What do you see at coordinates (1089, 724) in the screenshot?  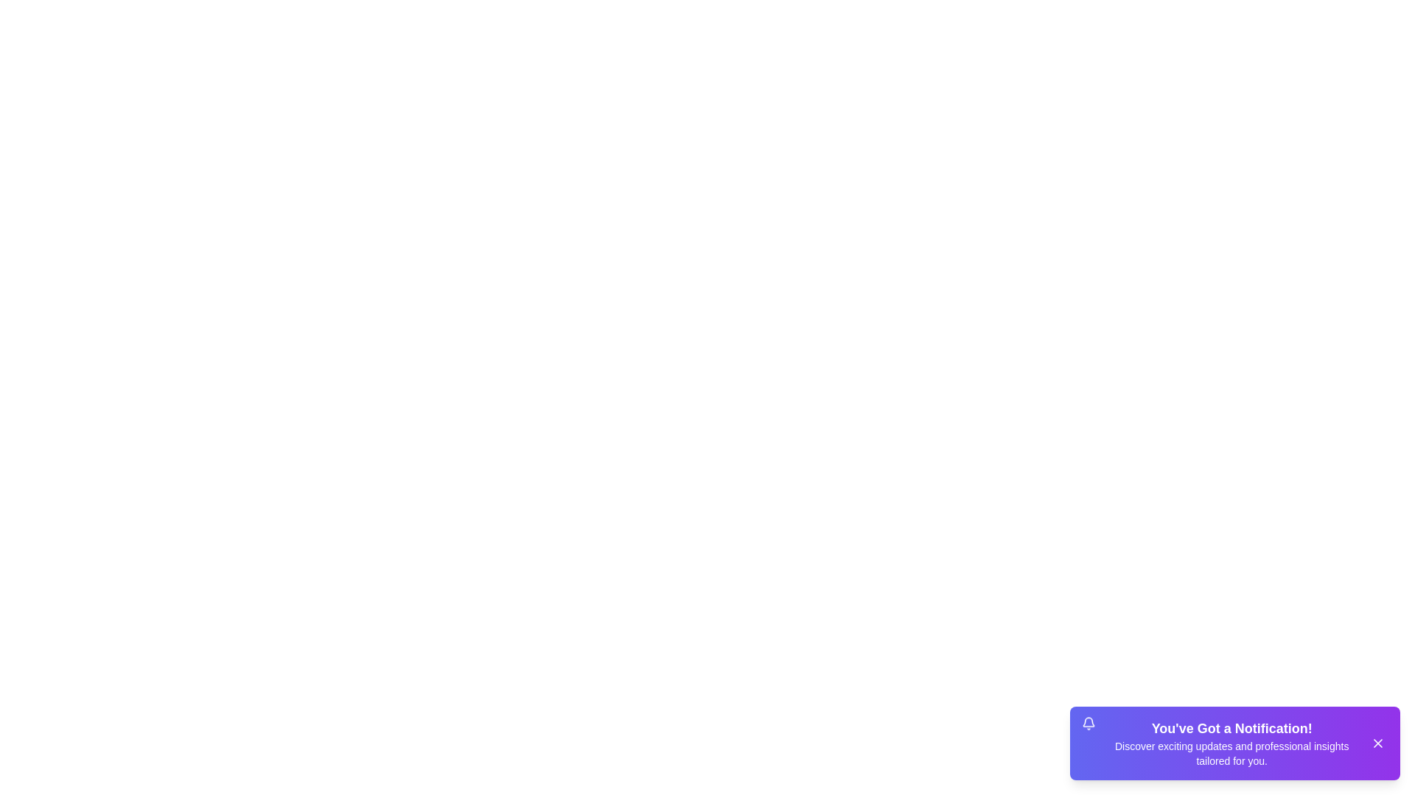 I see `the notification icon to view notifications` at bounding box center [1089, 724].